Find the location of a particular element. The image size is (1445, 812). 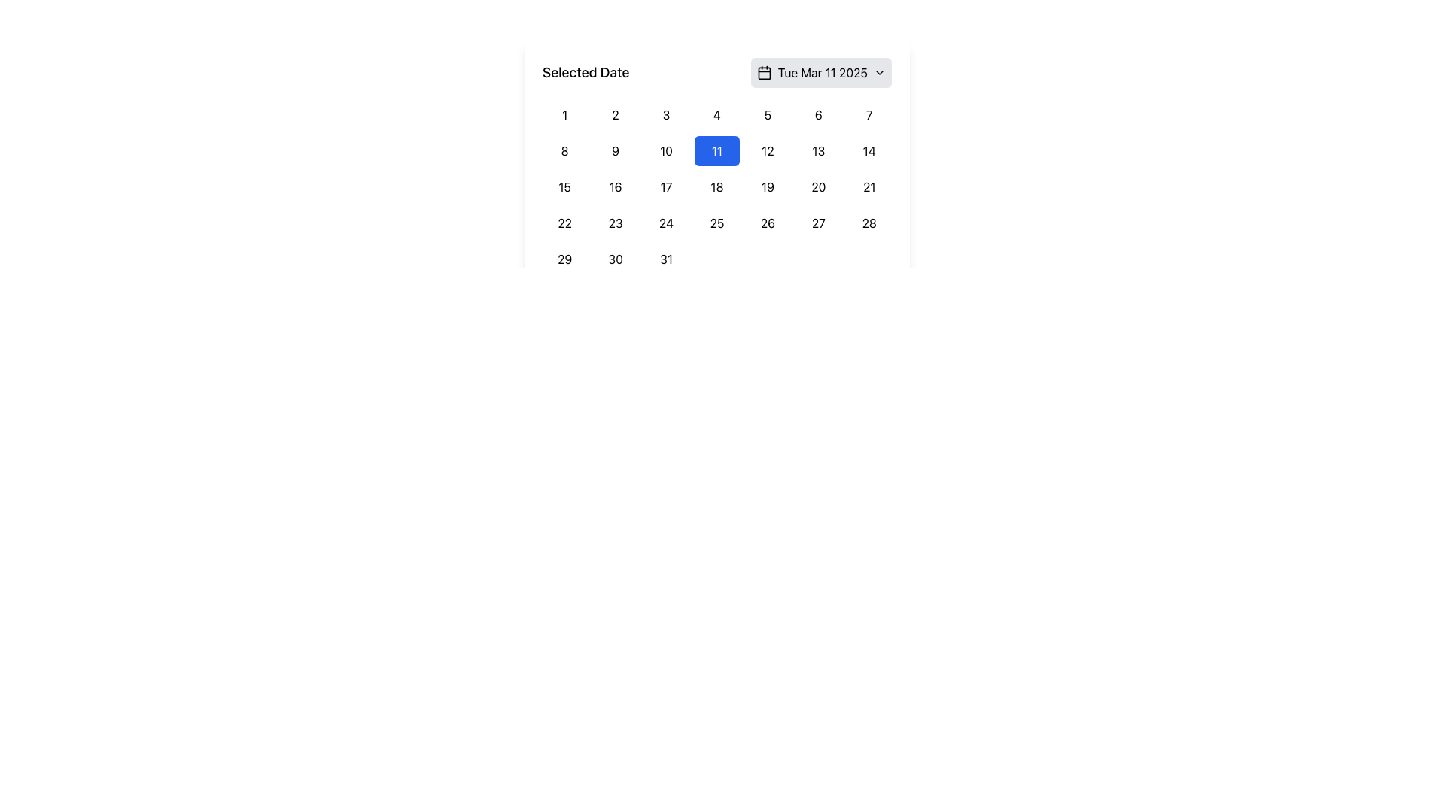

the button representing the number '18' in the third row and fourth column of the grid to trigger visual feedback is located at coordinates (716, 186).